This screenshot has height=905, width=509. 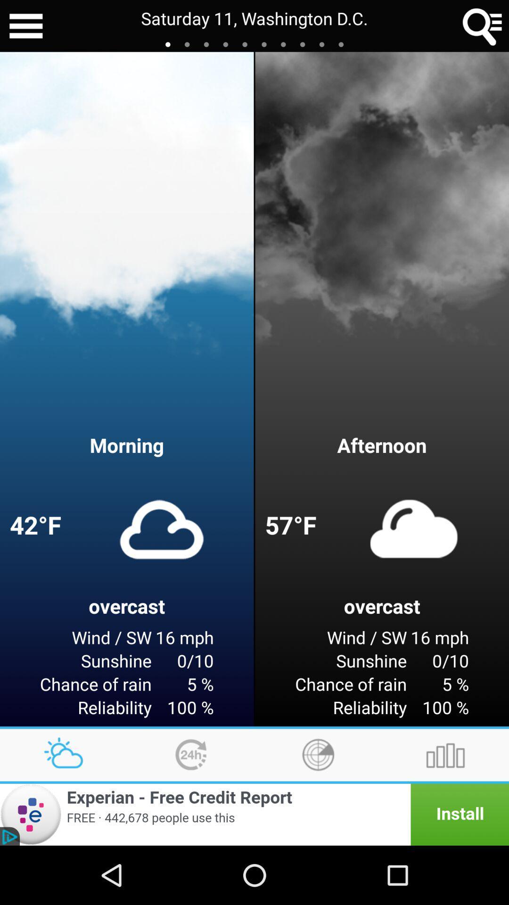 I want to click on the menu option, so click(x=25, y=26).